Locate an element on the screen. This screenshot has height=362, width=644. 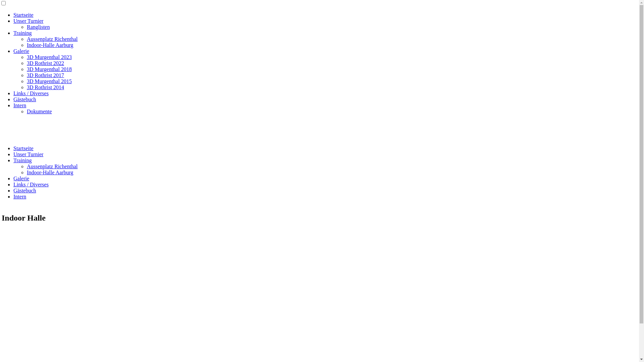
'Galerie' is located at coordinates (21, 178).